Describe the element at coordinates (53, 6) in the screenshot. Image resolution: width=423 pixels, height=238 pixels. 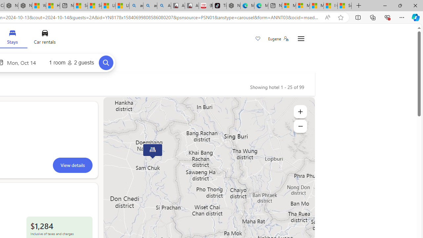
I see `'Huge shark washes ashore at New York City beach | Watch'` at that location.